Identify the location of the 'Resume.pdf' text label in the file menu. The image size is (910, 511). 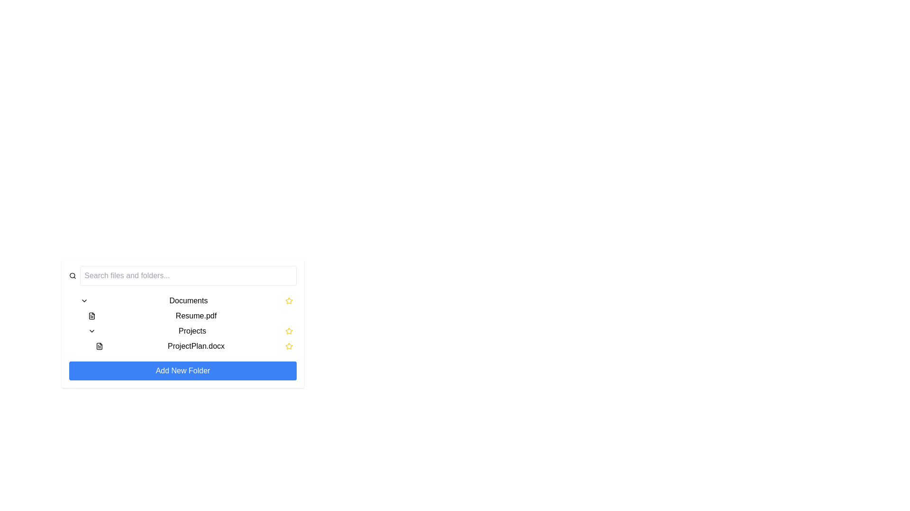
(190, 316).